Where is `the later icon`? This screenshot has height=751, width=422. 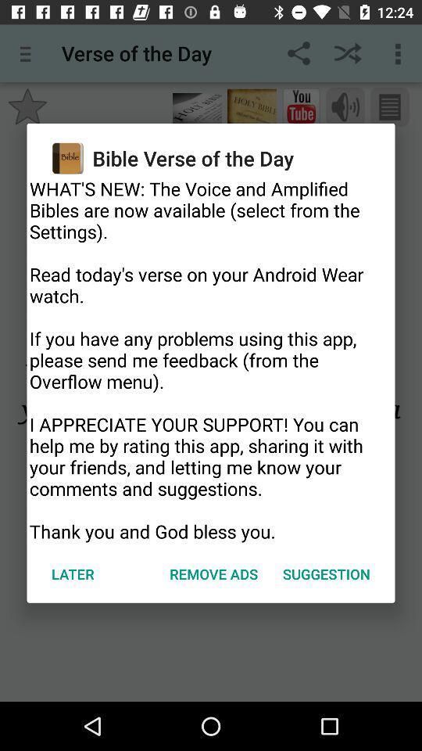 the later icon is located at coordinates (72, 573).